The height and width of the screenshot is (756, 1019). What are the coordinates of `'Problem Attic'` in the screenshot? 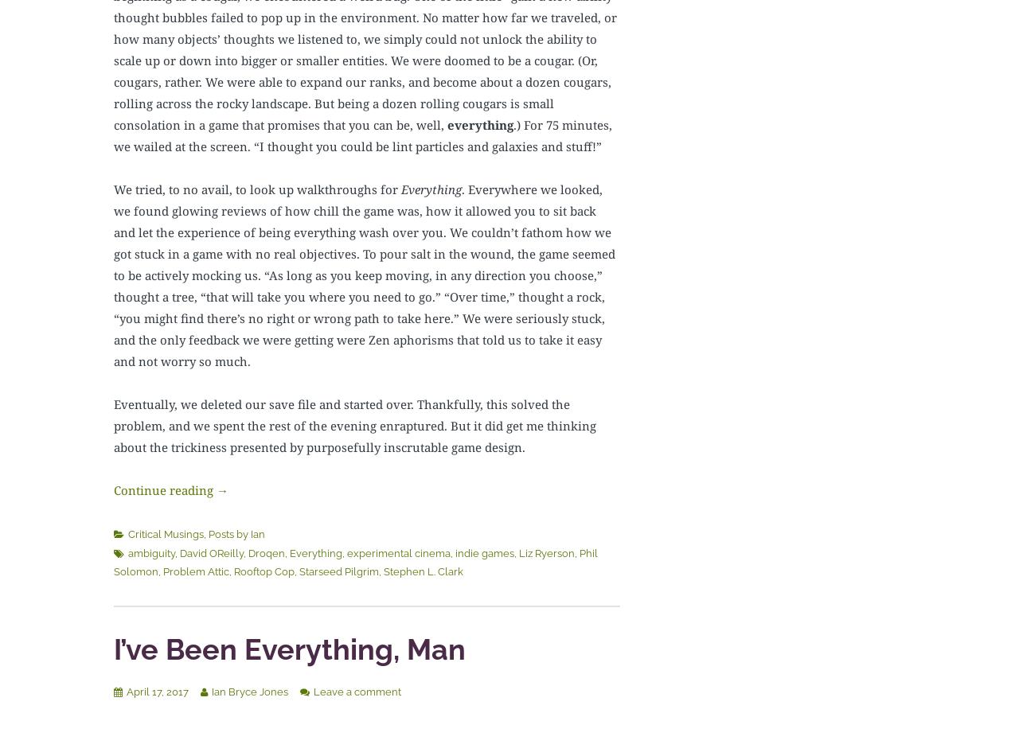 It's located at (195, 571).